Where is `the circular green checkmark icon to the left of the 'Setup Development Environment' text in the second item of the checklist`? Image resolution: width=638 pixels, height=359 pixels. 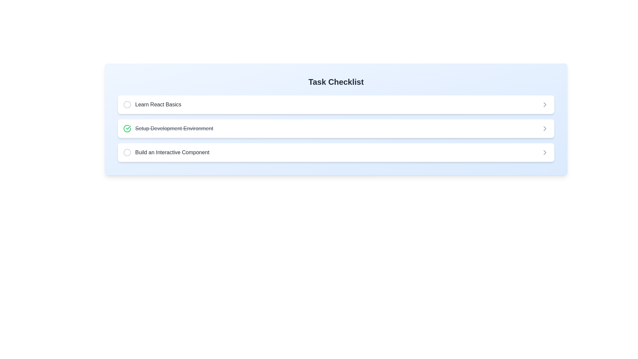
the circular green checkmark icon to the left of the 'Setup Development Environment' text in the second item of the checklist is located at coordinates (127, 128).